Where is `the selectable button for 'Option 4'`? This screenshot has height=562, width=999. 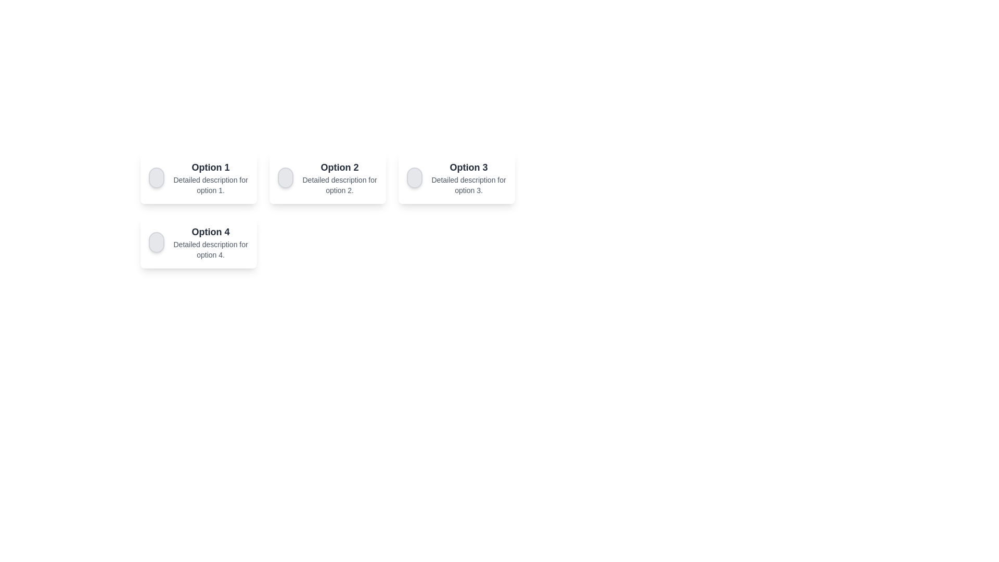
the selectable button for 'Option 4' is located at coordinates (156, 242).